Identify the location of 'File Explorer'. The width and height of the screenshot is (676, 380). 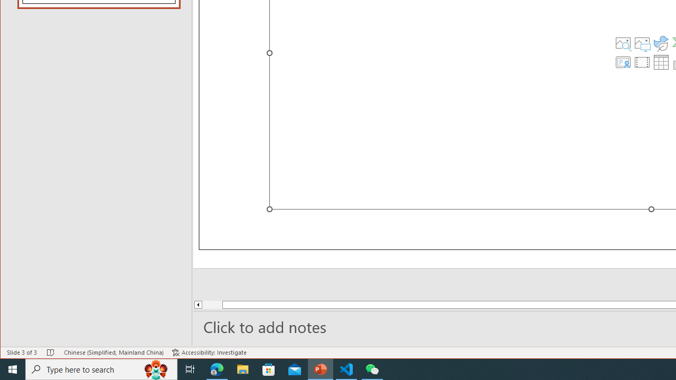
(242, 368).